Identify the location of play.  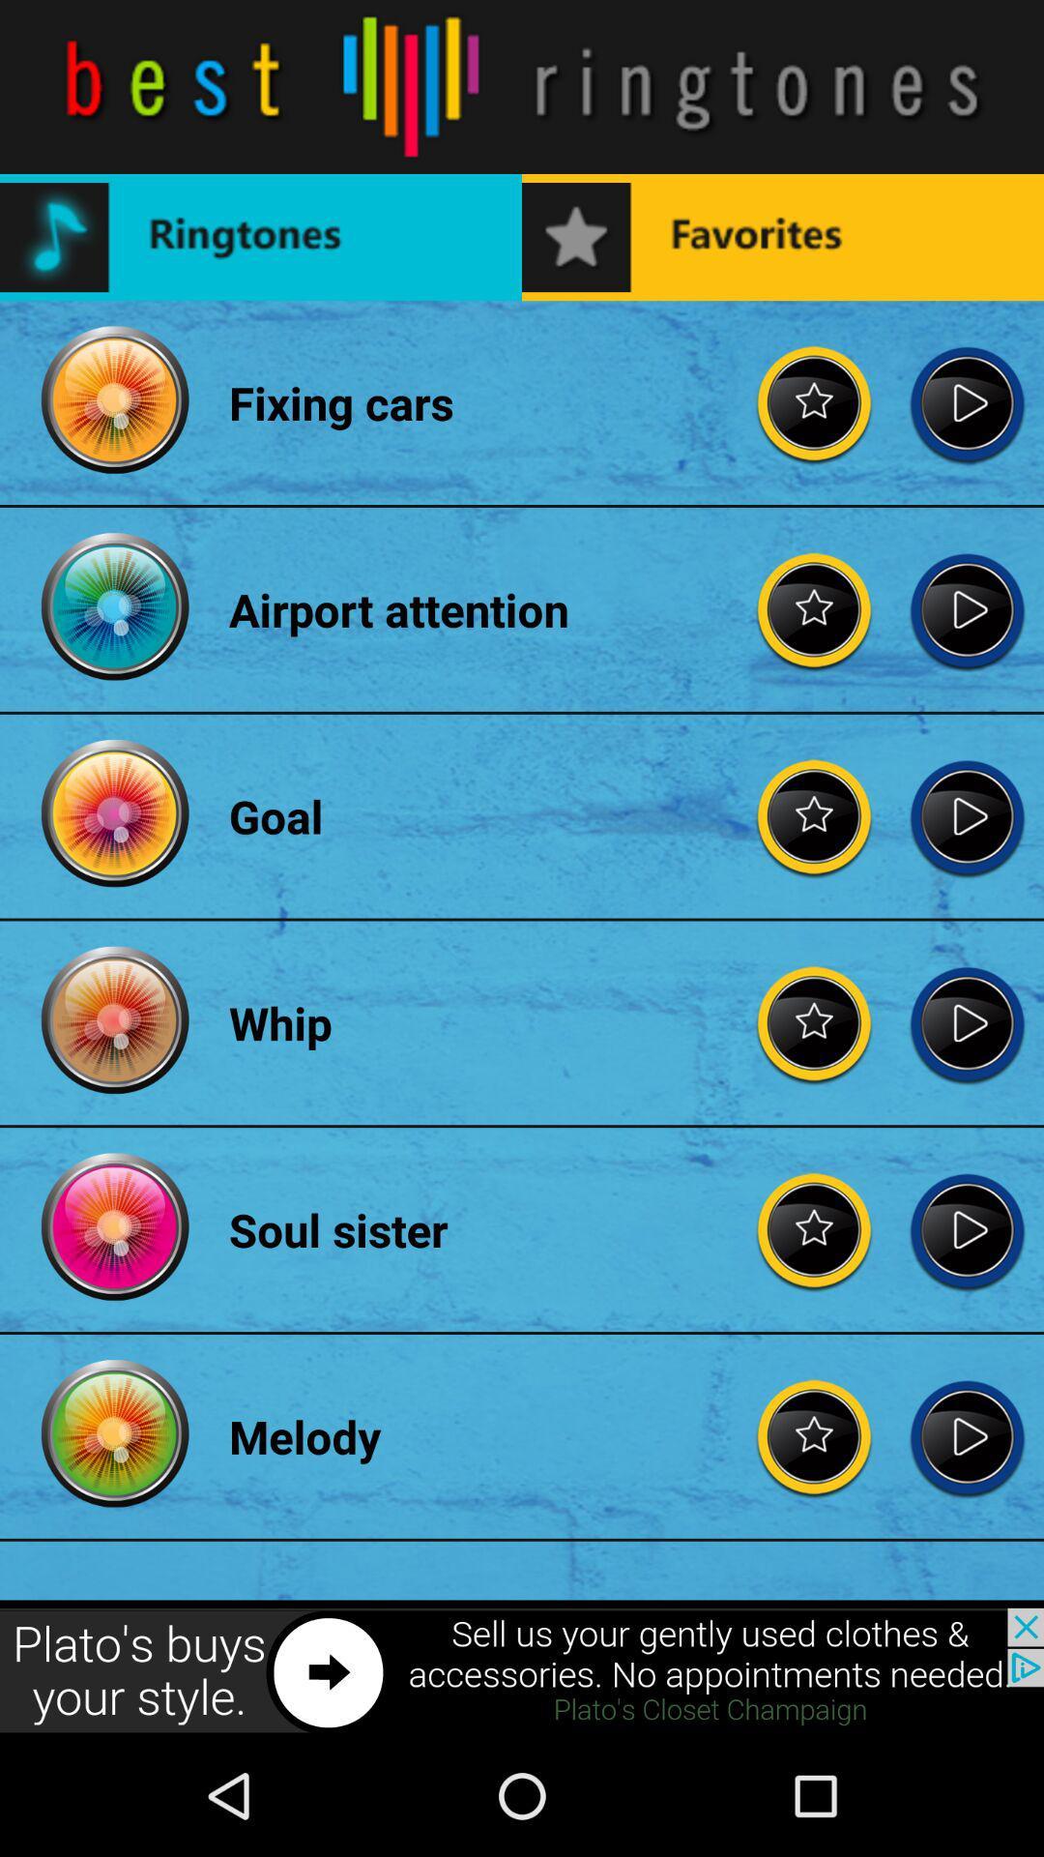
(967, 608).